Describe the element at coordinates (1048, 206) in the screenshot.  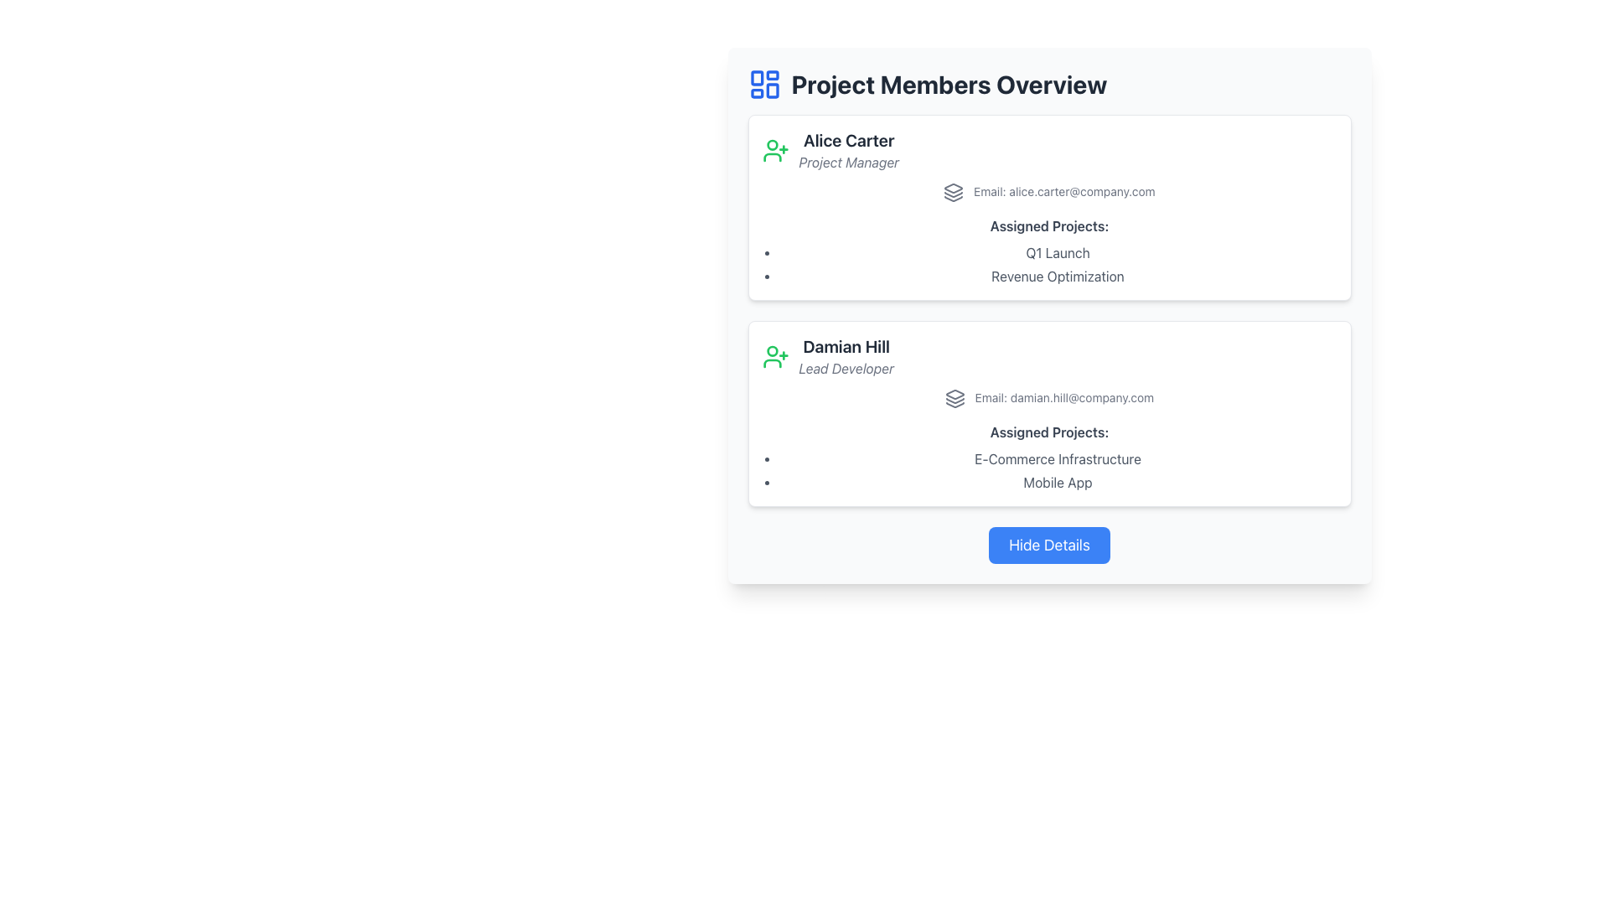
I see `to select the Information card displaying details for 'Alice Carter', the Project Manager, located in the 'Project Members Overview' section` at that location.